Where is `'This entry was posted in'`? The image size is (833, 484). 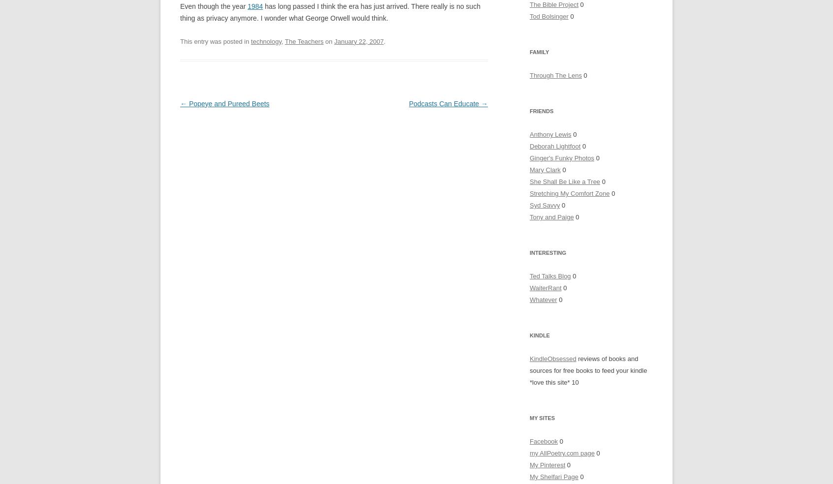
'This entry was posted in' is located at coordinates (215, 40).